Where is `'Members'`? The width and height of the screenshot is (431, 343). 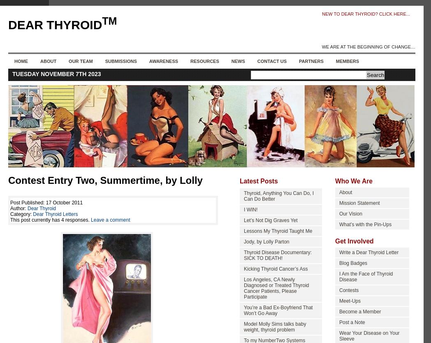 'Members' is located at coordinates (347, 61).